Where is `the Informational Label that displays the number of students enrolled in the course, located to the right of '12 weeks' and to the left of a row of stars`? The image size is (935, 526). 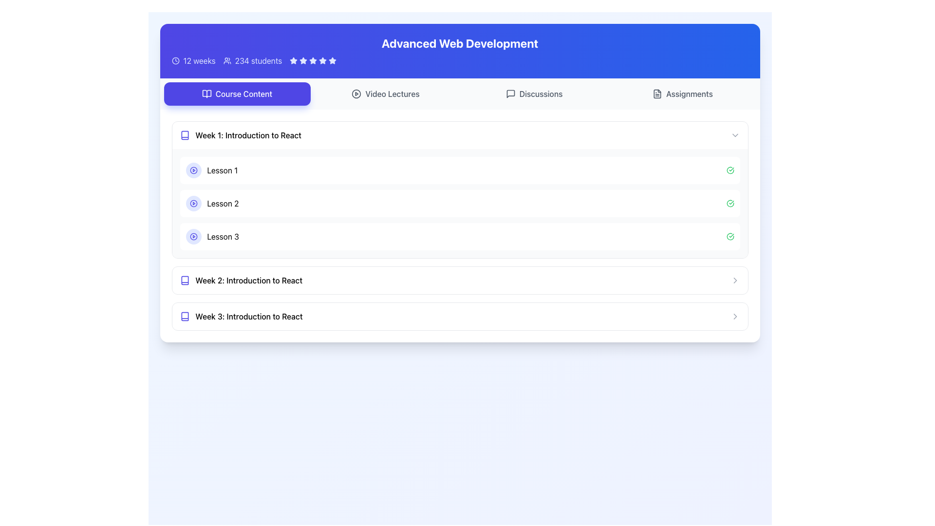 the Informational Label that displays the number of students enrolled in the course, located to the right of '12 weeks' and to the left of a row of stars is located at coordinates (252, 60).